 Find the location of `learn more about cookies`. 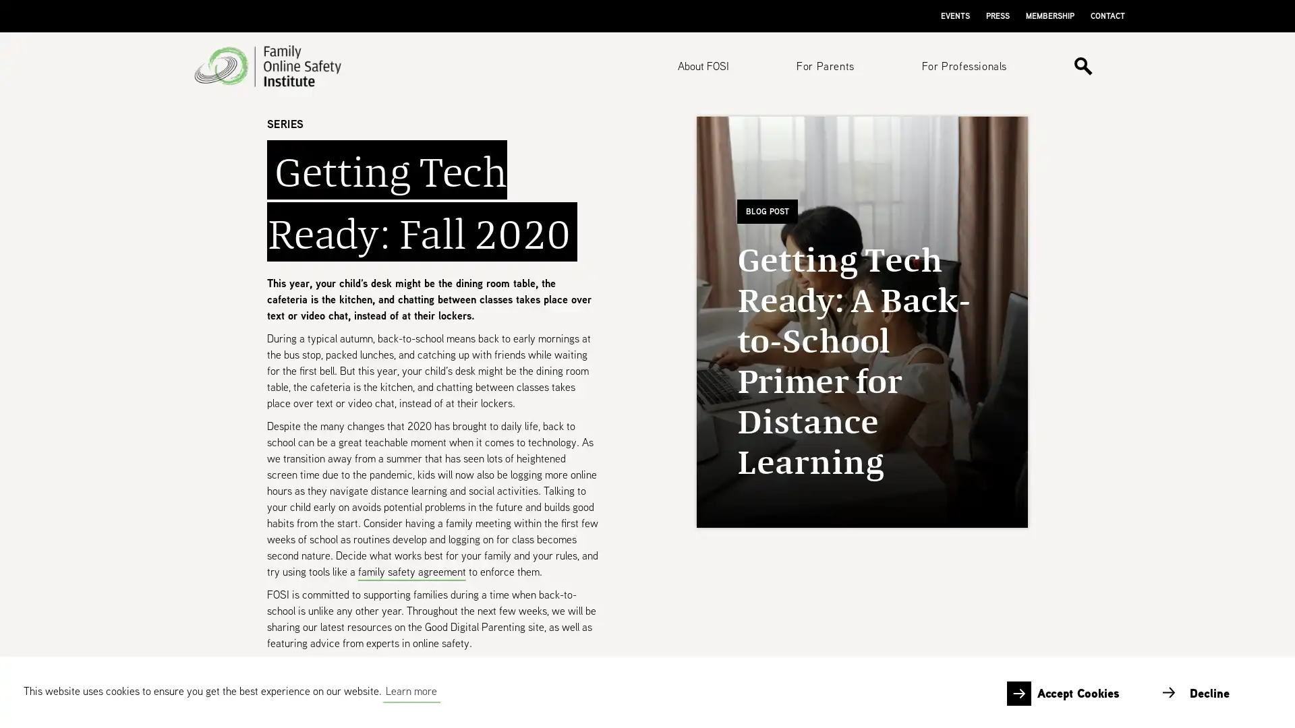

learn more about cookies is located at coordinates (411, 692).